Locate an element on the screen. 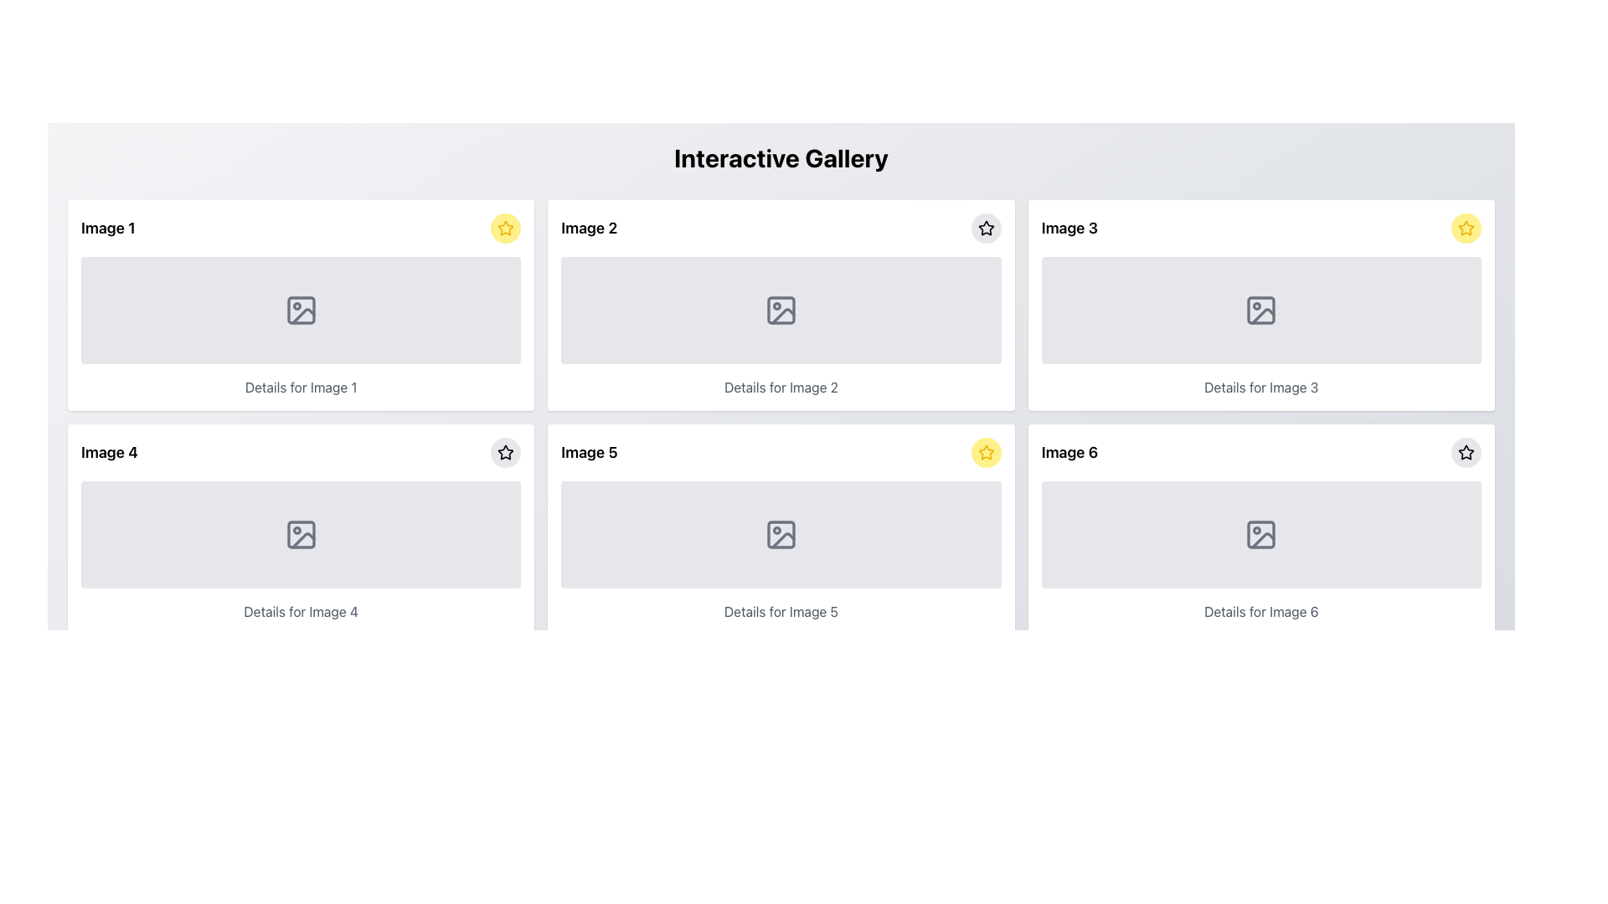  the background rectangle element within the framed image icon for 'Image 5', located in the lower row of the gallery is located at coordinates (780, 535).